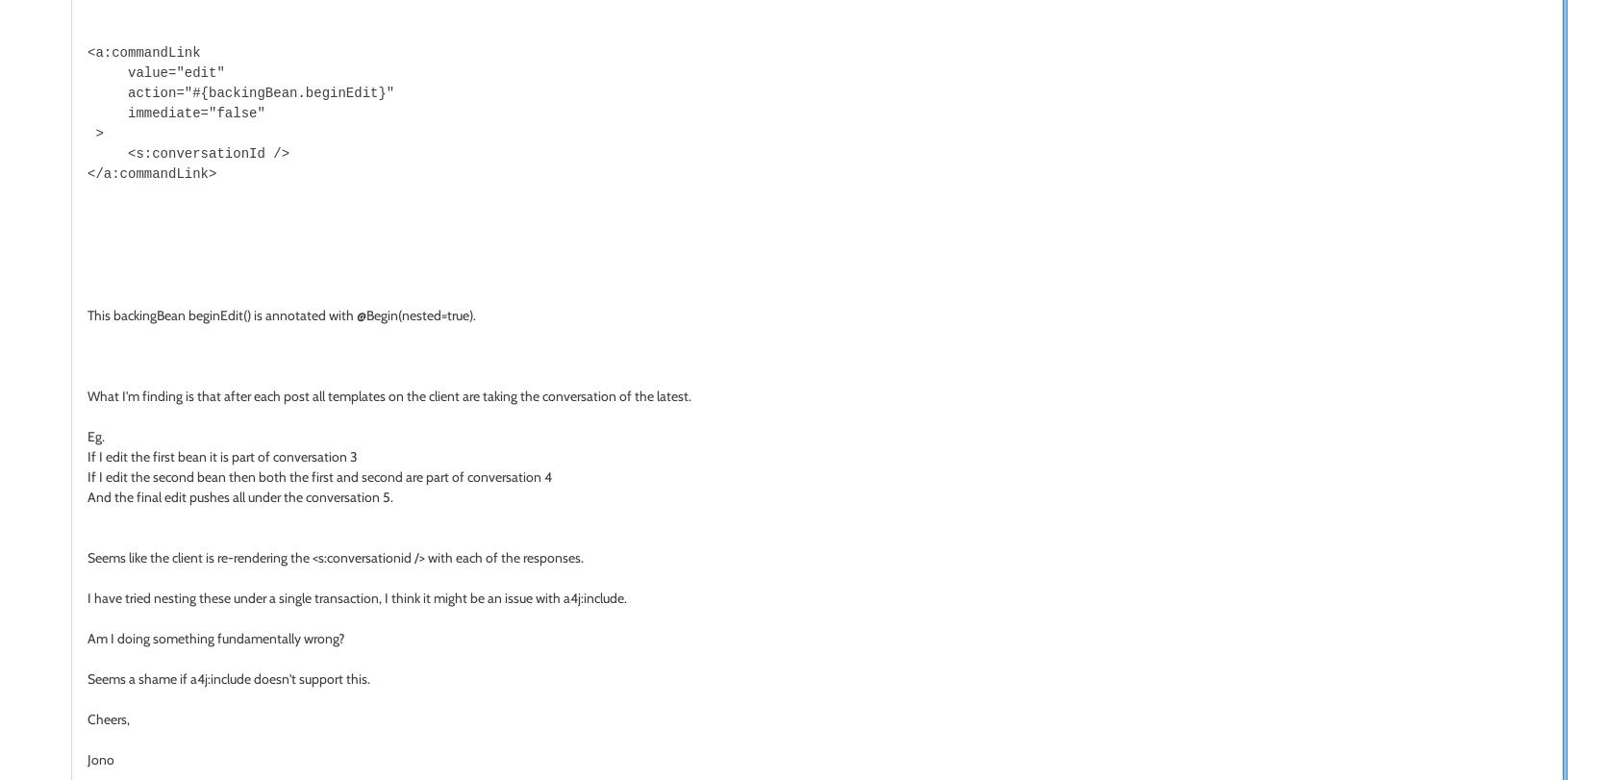  What do you see at coordinates (87, 636) in the screenshot?
I see `'Am I doing something fundamentally wrong?'` at bounding box center [87, 636].